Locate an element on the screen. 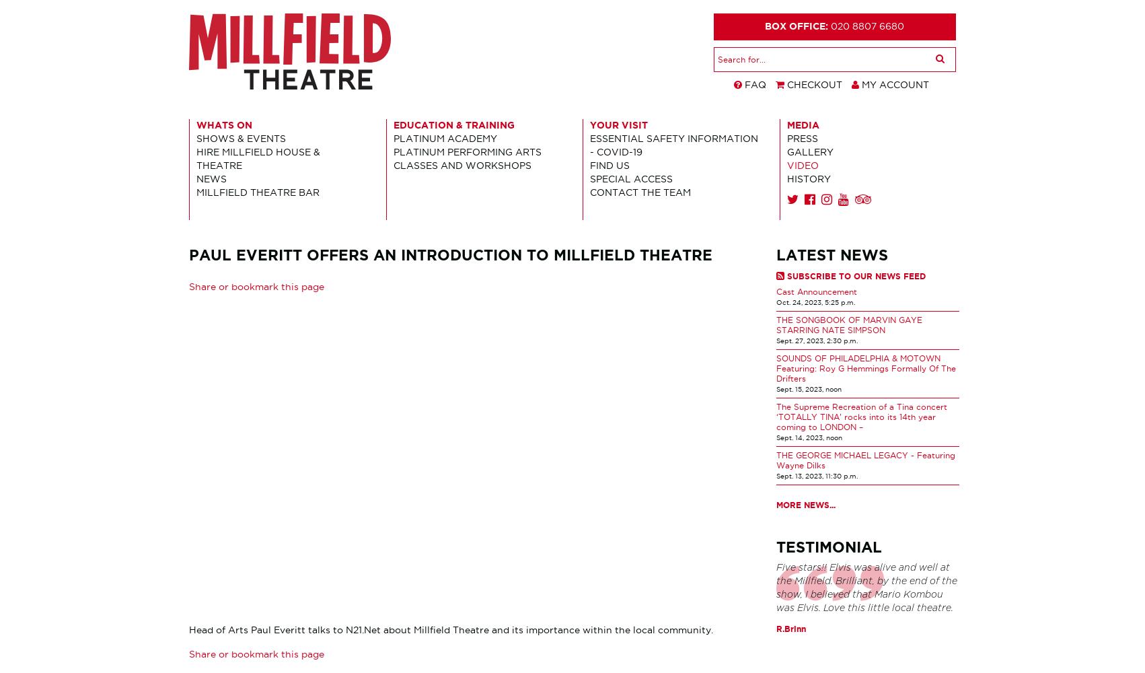  'Education & Training' is located at coordinates (453, 125).